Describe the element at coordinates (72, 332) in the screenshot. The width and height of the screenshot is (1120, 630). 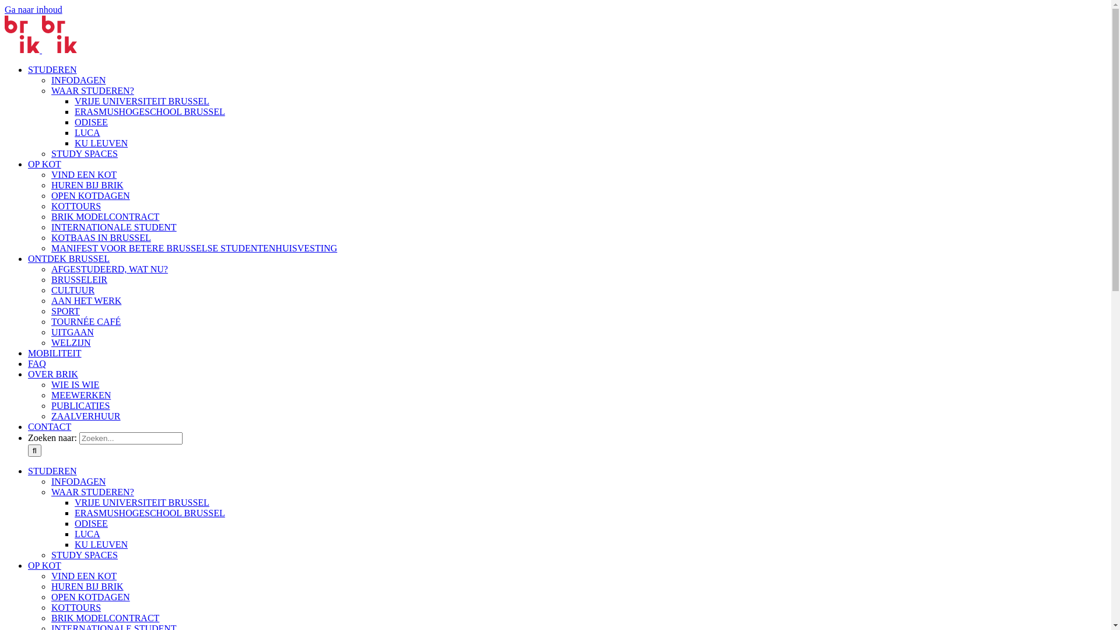
I see `'UITGAAN'` at that location.